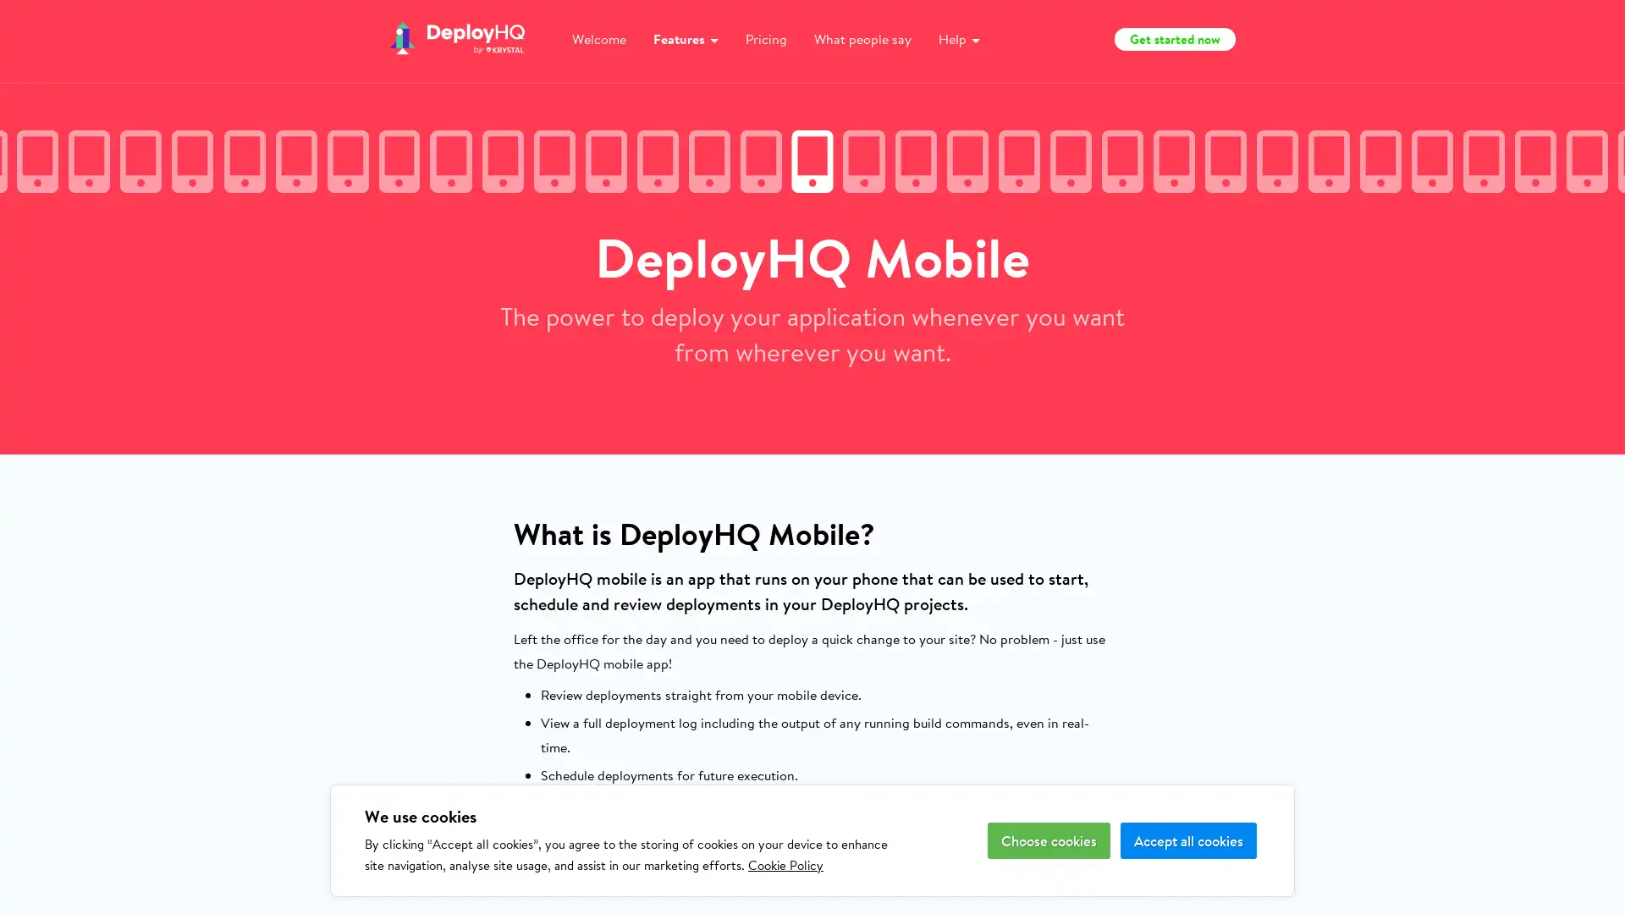 The width and height of the screenshot is (1625, 914). Describe the element at coordinates (1048, 840) in the screenshot. I see `Choose cookies` at that location.